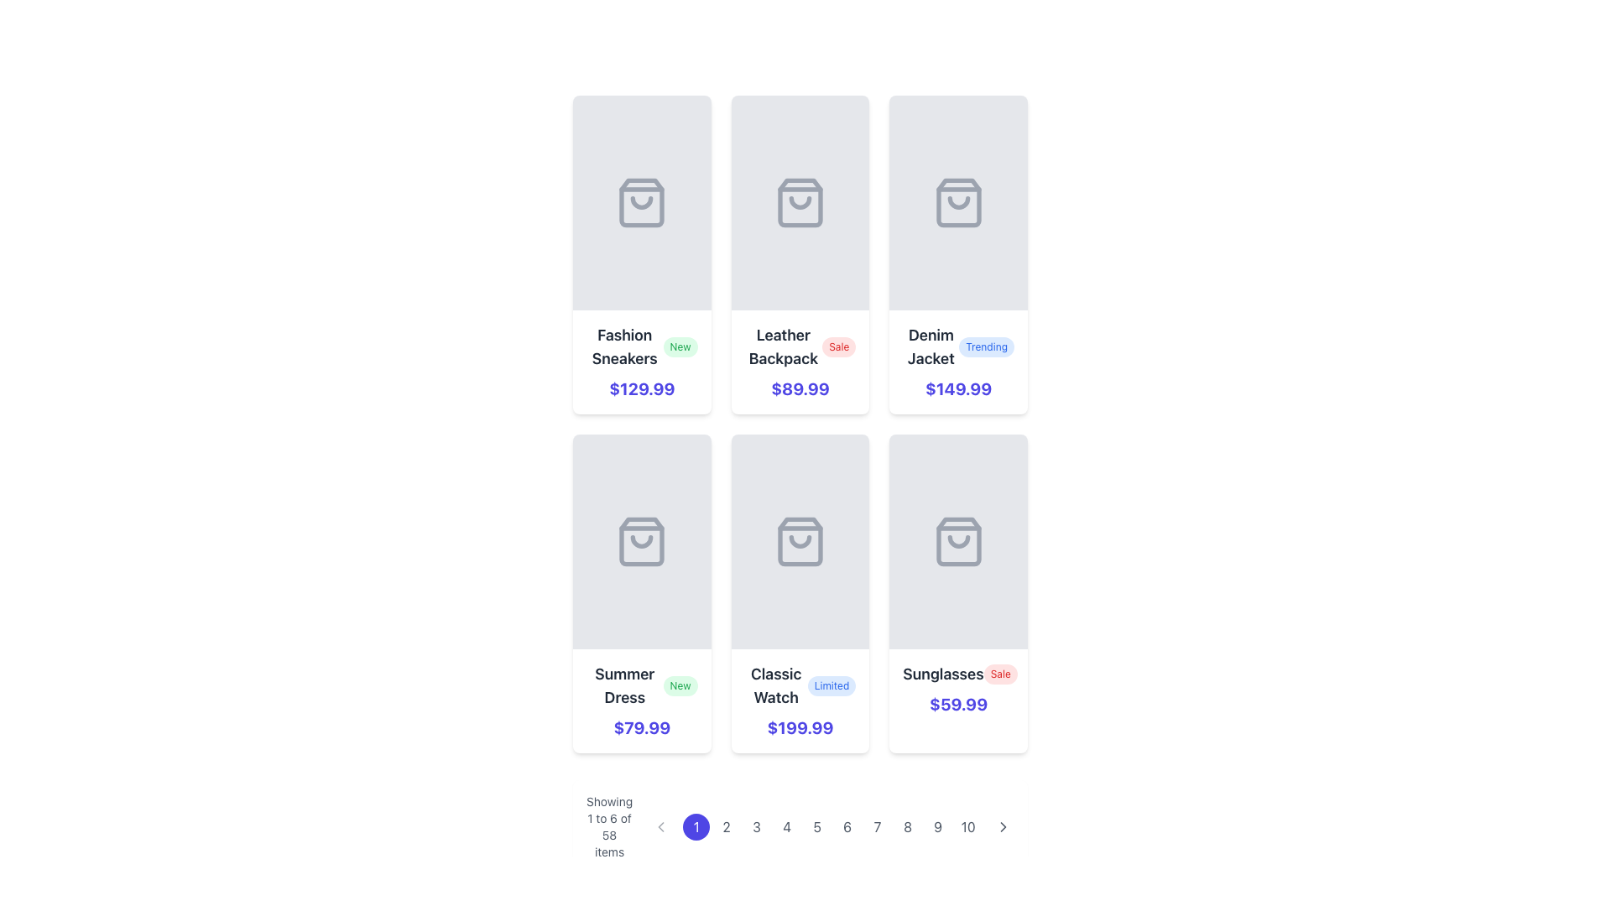  I want to click on the text label displaying 'Summer Dress' which is bold and dark gray, located in the first column of the second row in a grid layout, so click(623, 685).